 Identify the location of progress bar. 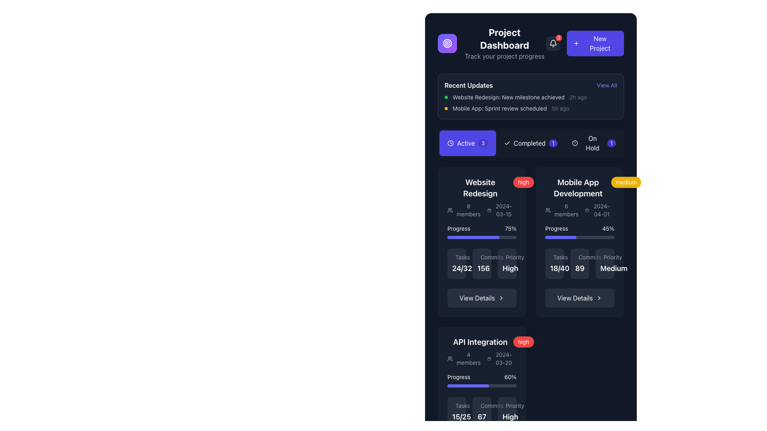
(456, 386).